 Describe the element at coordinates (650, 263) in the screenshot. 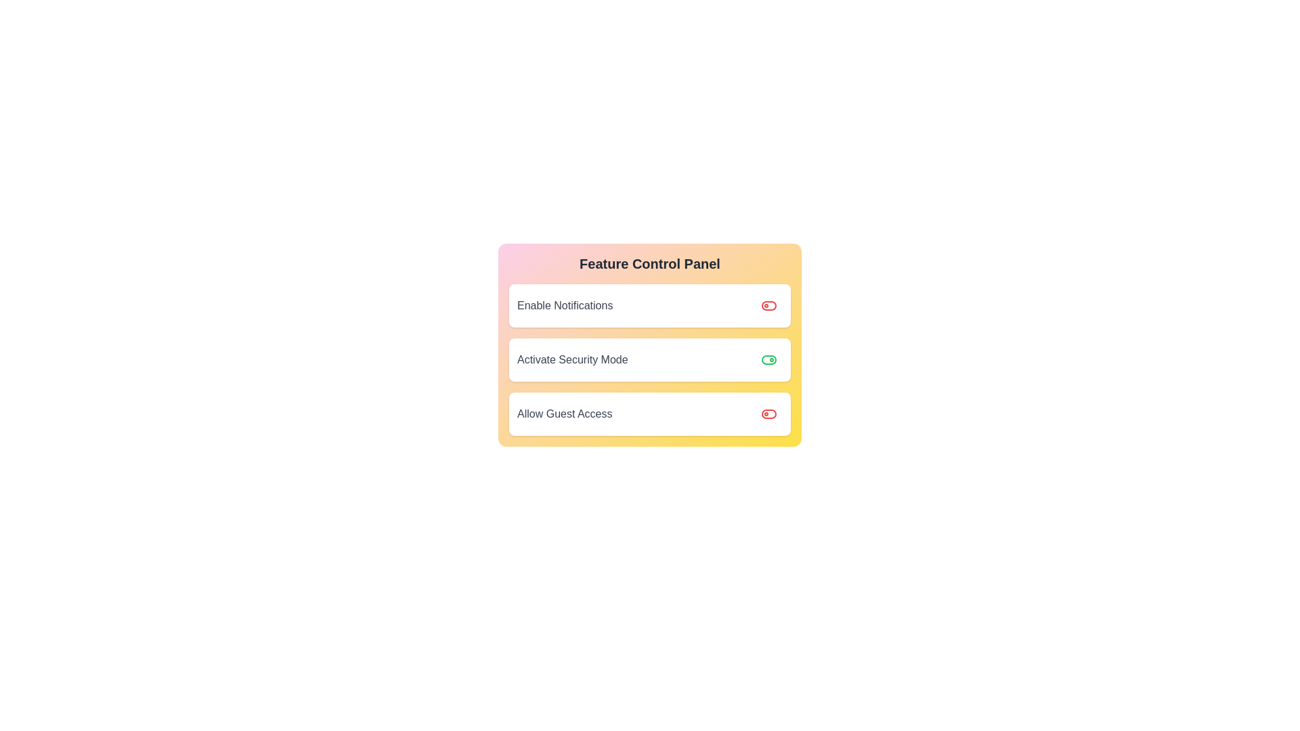

I see `the title text label that introduces the feature control panel, positioned at the top of the panel, above the interactive controls` at that location.